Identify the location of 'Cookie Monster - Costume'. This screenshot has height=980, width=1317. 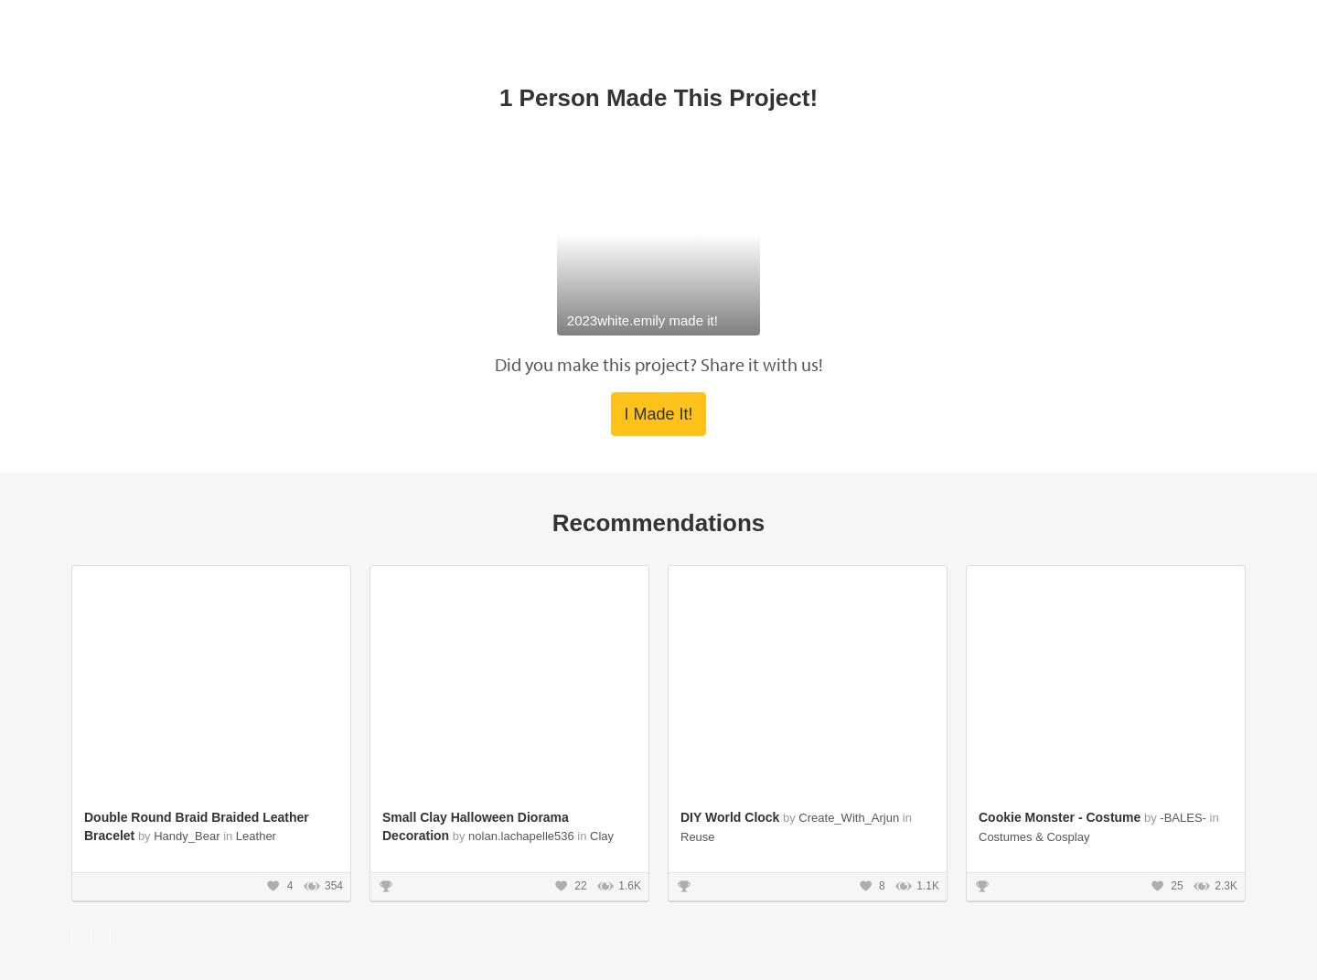
(1059, 394).